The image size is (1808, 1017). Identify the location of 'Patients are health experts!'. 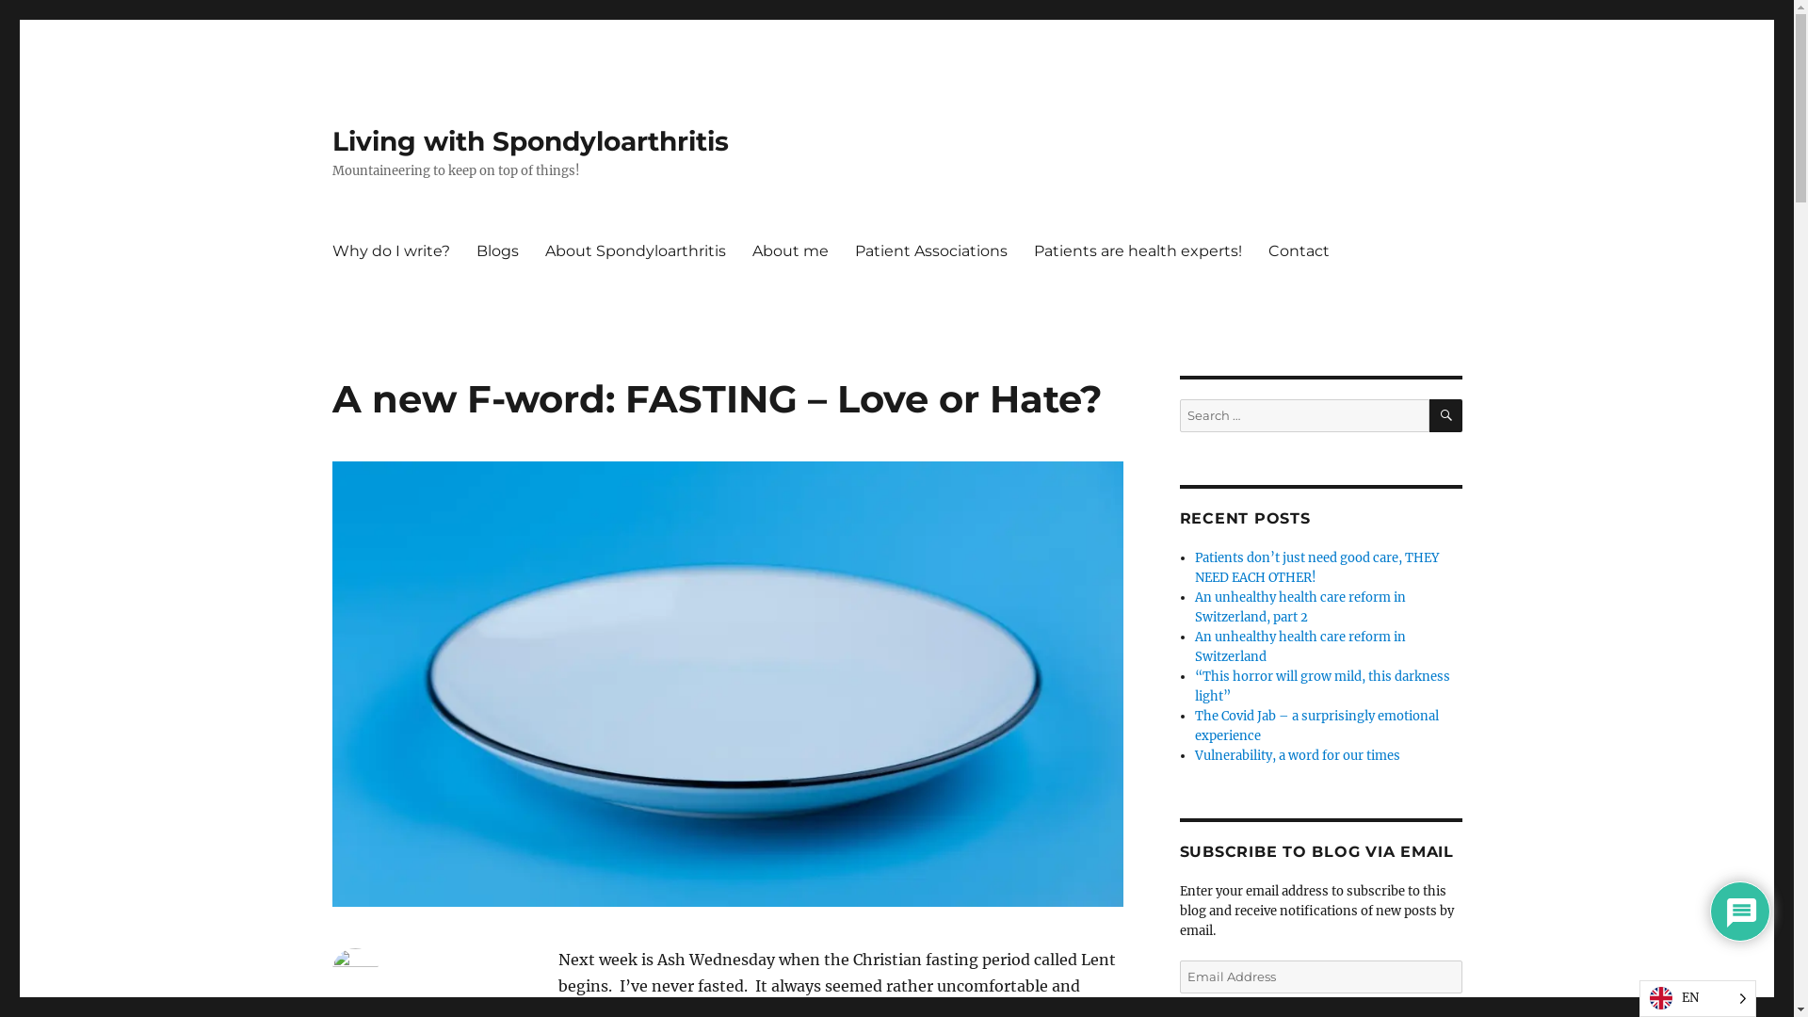
(1137, 250).